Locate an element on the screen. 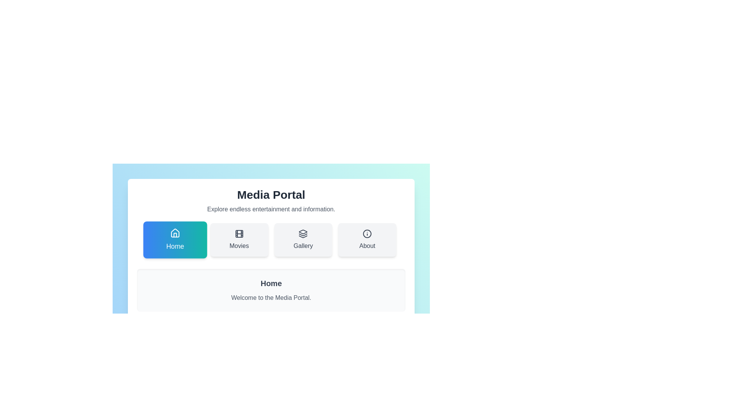  the Movies icon, which serves as a navigation trigger for viewing movie-related content, to trigger the corresponding action is located at coordinates (239, 233).